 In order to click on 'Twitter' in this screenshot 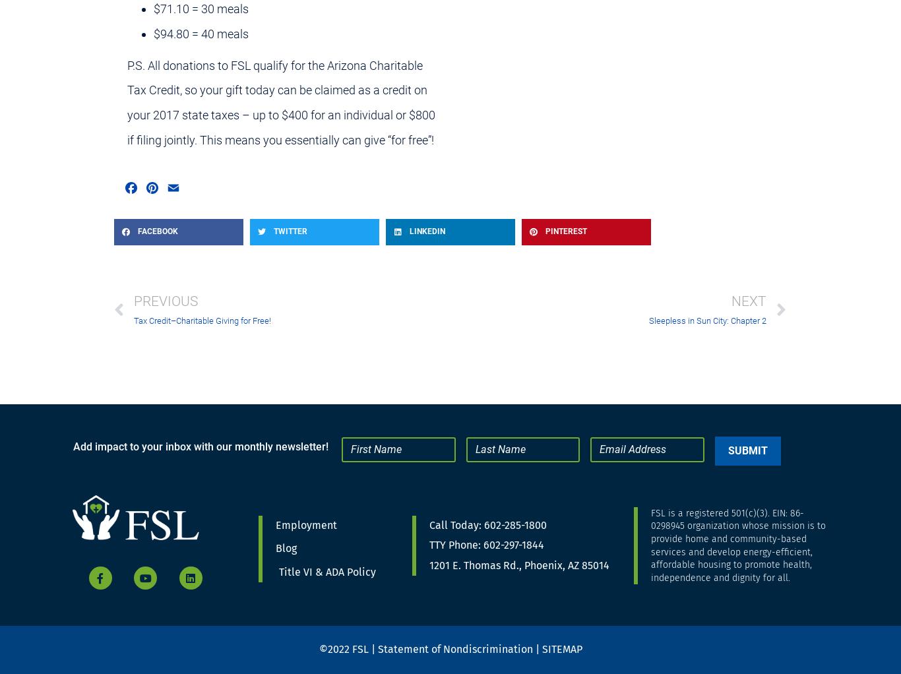, I will do `click(290, 231)`.